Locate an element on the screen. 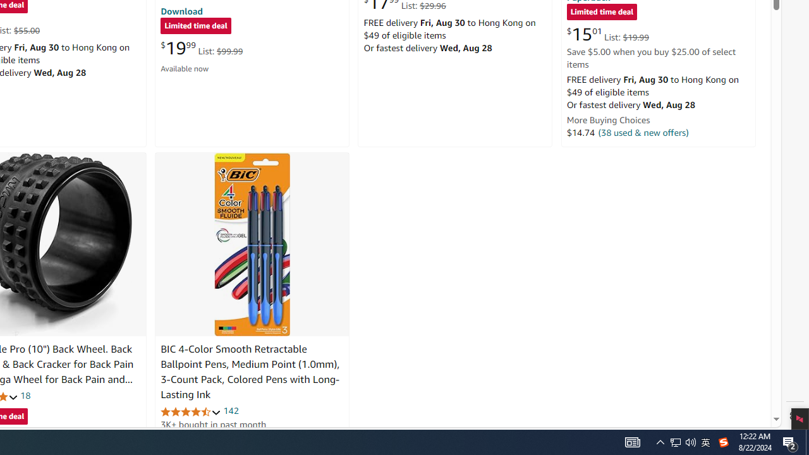 The height and width of the screenshot is (455, 809). '142' is located at coordinates (231, 411).